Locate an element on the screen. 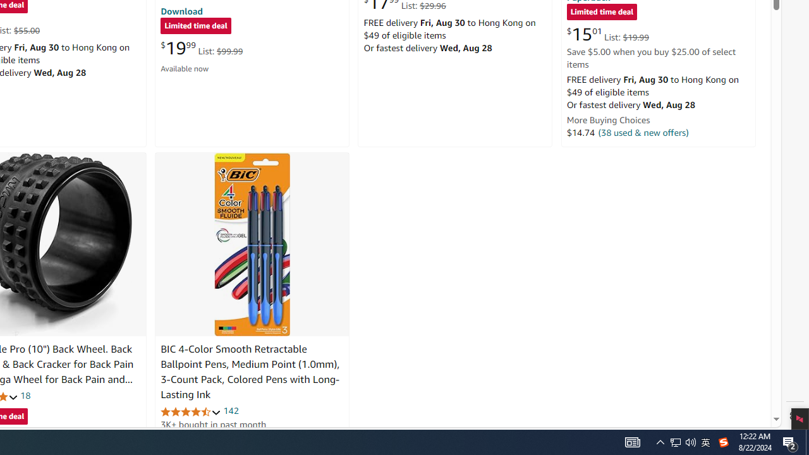 The height and width of the screenshot is (455, 809). '142' is located at coordinates (231, 411).